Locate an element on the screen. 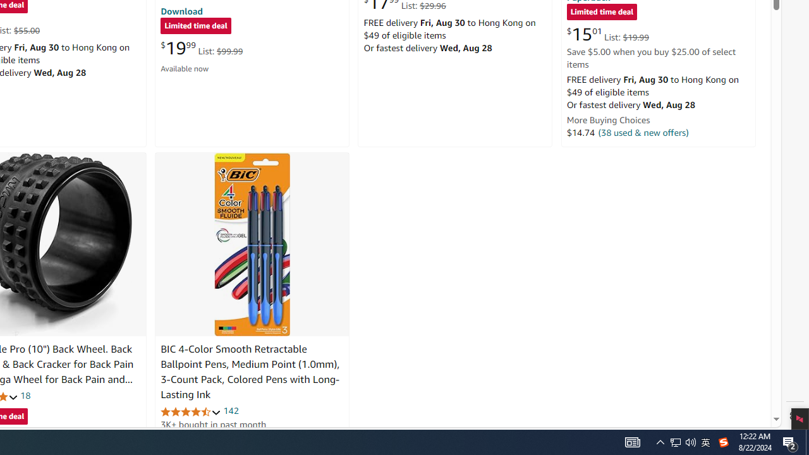 The height and width of the screenshot is (455, 809). '142' is located at coordinates (231, 411).